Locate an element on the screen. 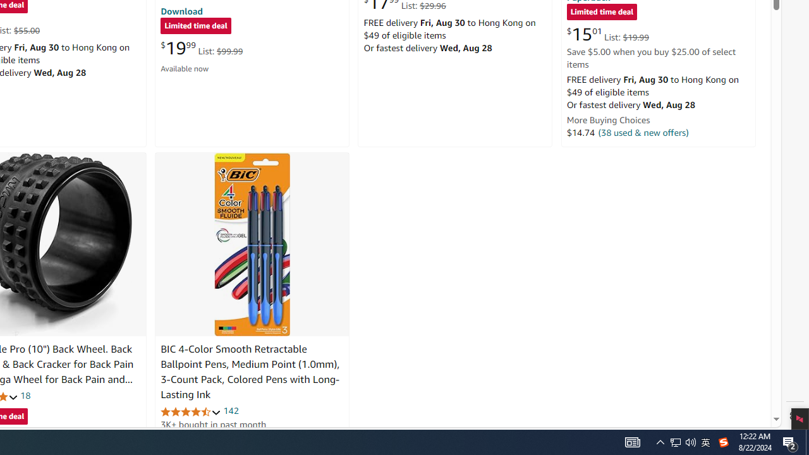 The height and width of the screenshot is (455, 809). '142' is located at coordinates (231, 411).